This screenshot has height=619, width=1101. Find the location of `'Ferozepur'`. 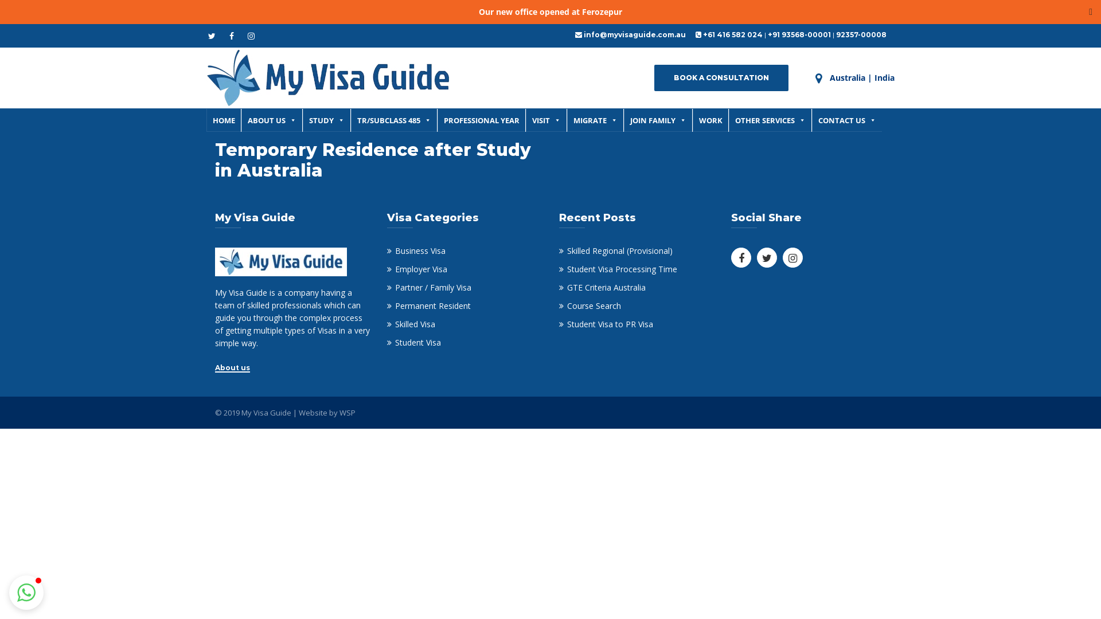

'Ferozepur' is located at coordinates (581, 11).